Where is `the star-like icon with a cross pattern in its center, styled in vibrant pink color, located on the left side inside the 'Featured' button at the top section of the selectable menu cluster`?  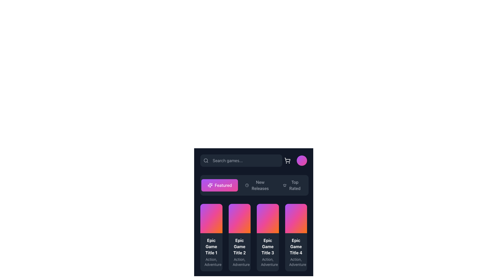
the star-like icon with a cross pattern in its center, styled in vibrant pink color, located on the left side inside the 'Featured' button at the top section of the selectable menu cluster is located at coordinates (210, 185).